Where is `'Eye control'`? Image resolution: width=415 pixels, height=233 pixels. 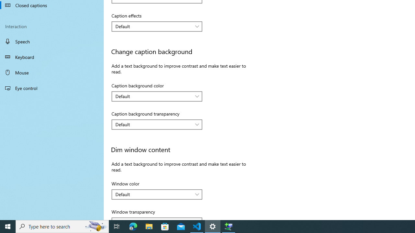 'Eye control' is located at coordinates (52, 88).